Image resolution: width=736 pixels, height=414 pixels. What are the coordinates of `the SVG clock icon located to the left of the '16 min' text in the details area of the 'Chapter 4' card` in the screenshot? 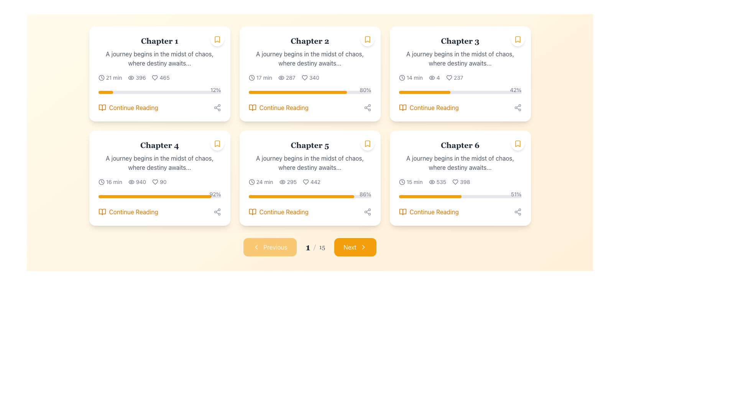 It's located at (101, 182).